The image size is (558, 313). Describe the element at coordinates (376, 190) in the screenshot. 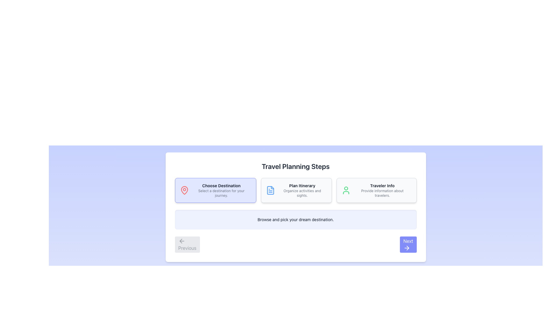

I see `the rightmost button under 'Travel Planning Steps'` at that location.